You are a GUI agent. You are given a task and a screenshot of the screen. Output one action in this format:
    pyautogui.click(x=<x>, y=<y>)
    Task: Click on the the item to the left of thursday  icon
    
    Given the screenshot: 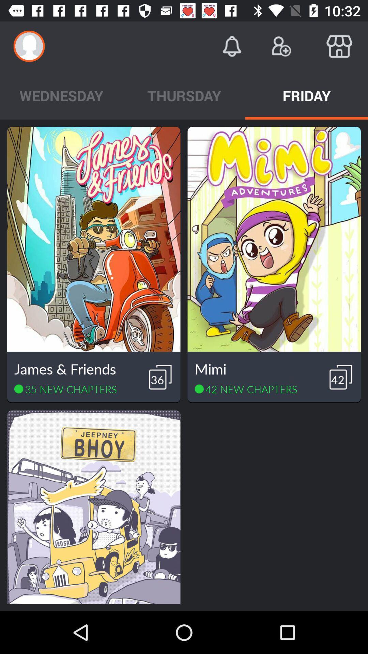 What is the action you would take?
    pyautogui.click(x=61, y=95)
    